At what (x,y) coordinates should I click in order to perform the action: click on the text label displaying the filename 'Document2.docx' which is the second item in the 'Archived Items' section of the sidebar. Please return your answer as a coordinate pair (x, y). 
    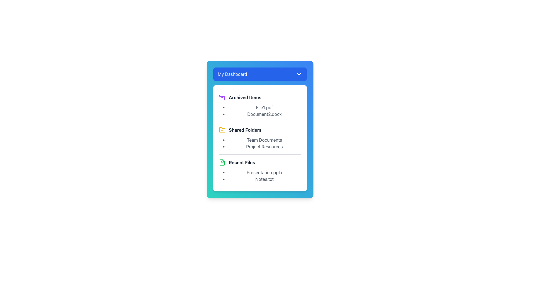
    Looking at the image, I should click on (264, 114).